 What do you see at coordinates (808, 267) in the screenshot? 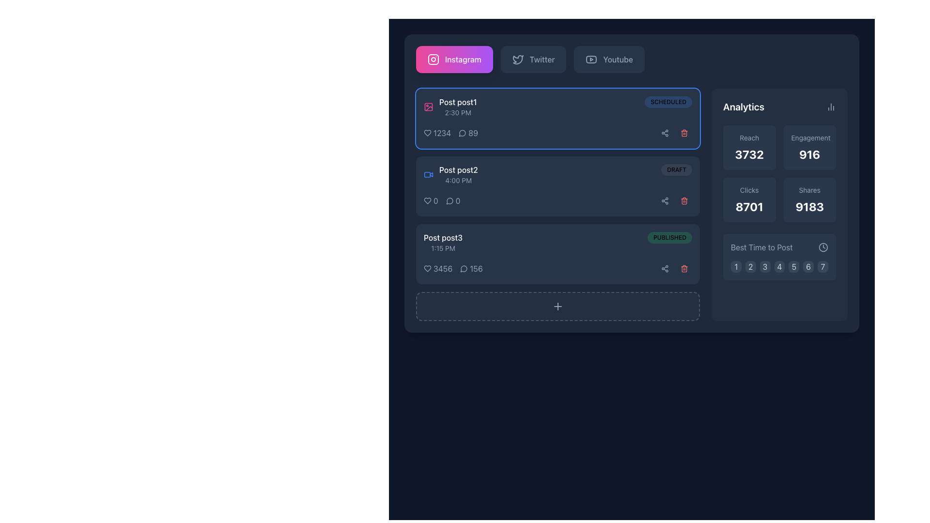
I see `the rounded square-shaped button with a dark blue background and the numeral '6' in light-gray color, located under the 'Best Time to Post' section in the 'Analytics' group` at bounding box center [808, 267].